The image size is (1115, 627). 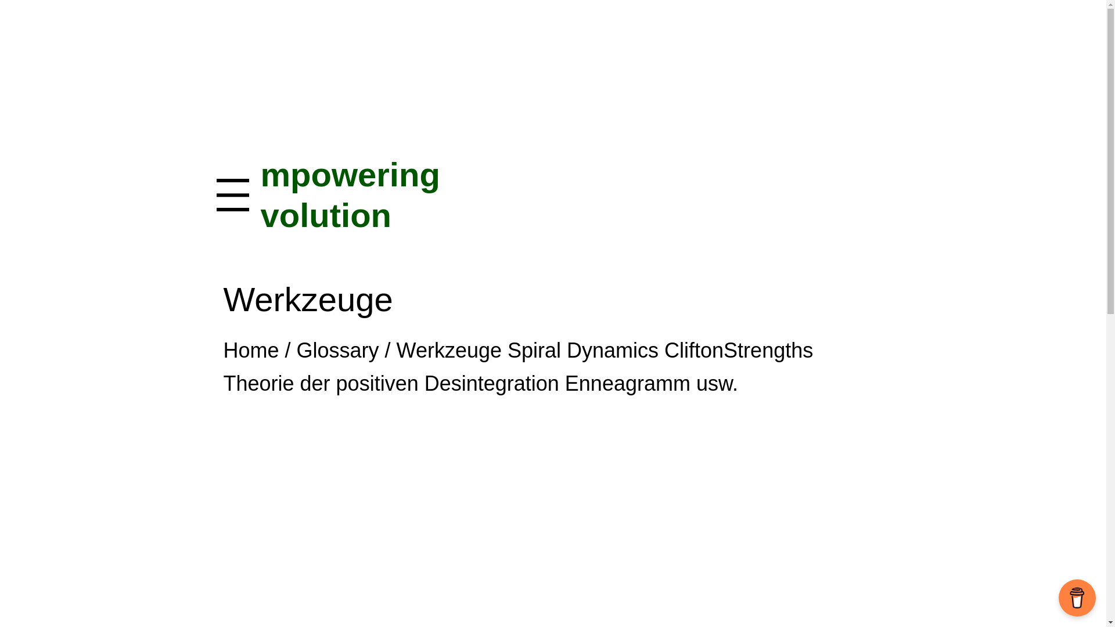 What do you see at coordinates (349, 194) in the screenshot?
I see `'mpowering` at bounding box center [349, 194].